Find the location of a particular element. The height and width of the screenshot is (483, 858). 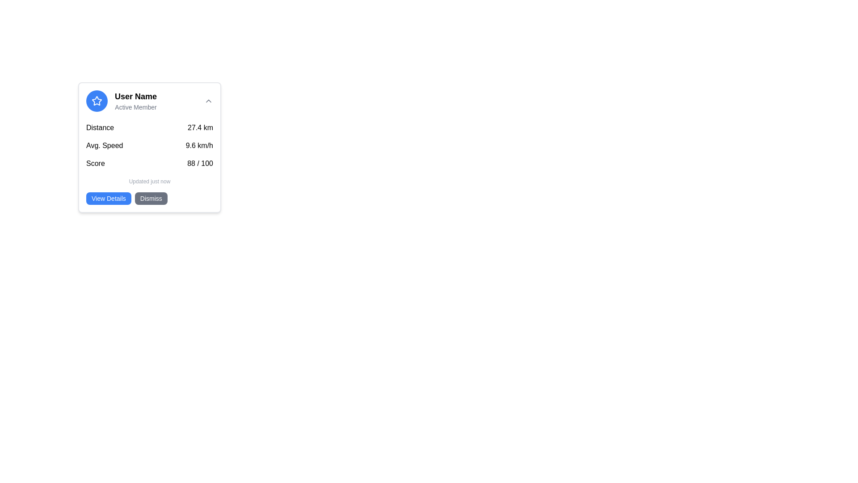

the timestamp text label that indicates the freshness of the displayed data, positioned below the 'Score' row and above the 'View Details' and 'Dismiss' buttons is located at coordinates (150, 181).